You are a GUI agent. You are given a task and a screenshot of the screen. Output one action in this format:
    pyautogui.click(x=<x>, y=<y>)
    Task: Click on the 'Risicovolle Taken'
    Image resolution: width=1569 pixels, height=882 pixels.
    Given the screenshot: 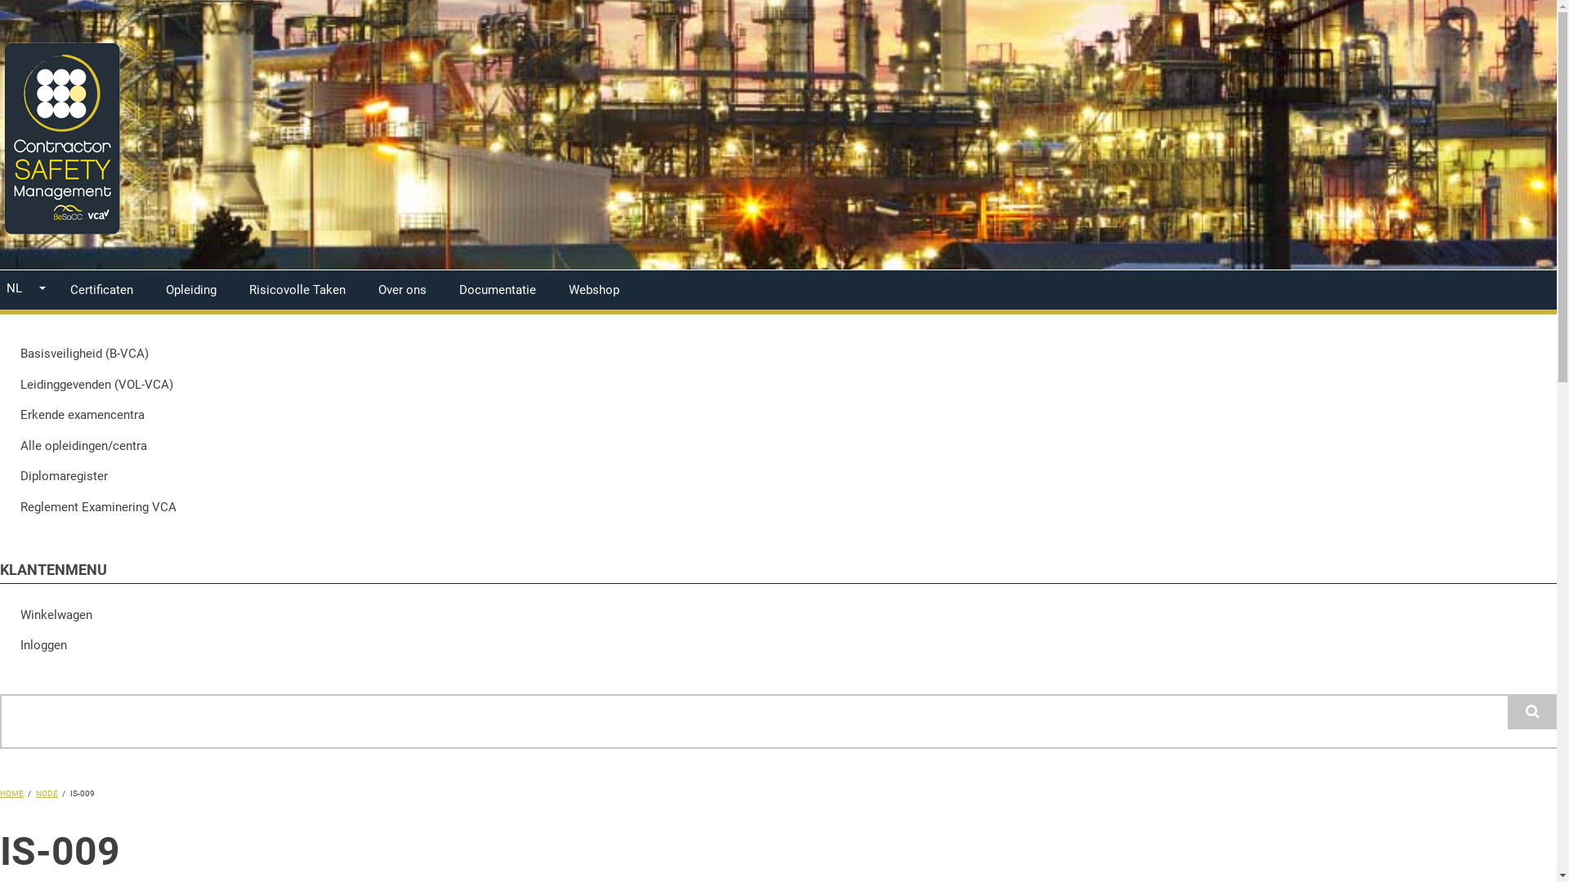 What is the action you would take?
    pyautogui.click(x=297, y=288)
    